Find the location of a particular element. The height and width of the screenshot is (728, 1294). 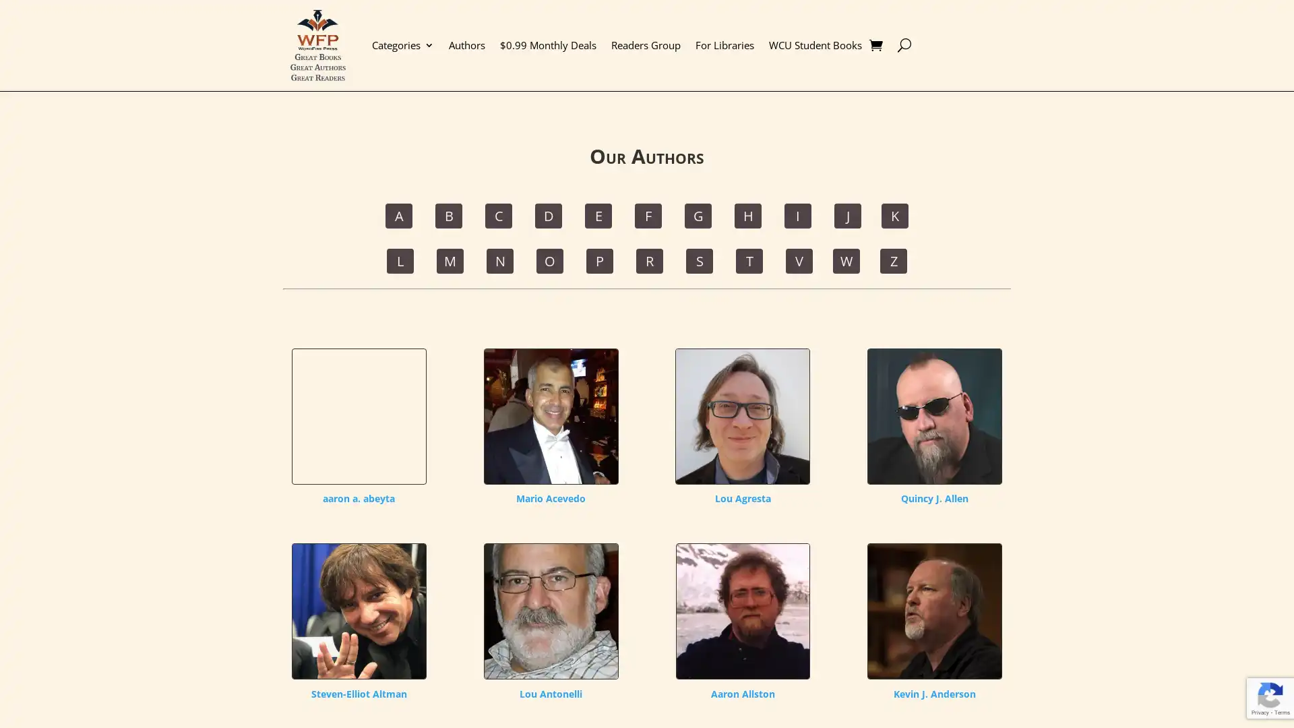

B is located at coordinates (449, 214).